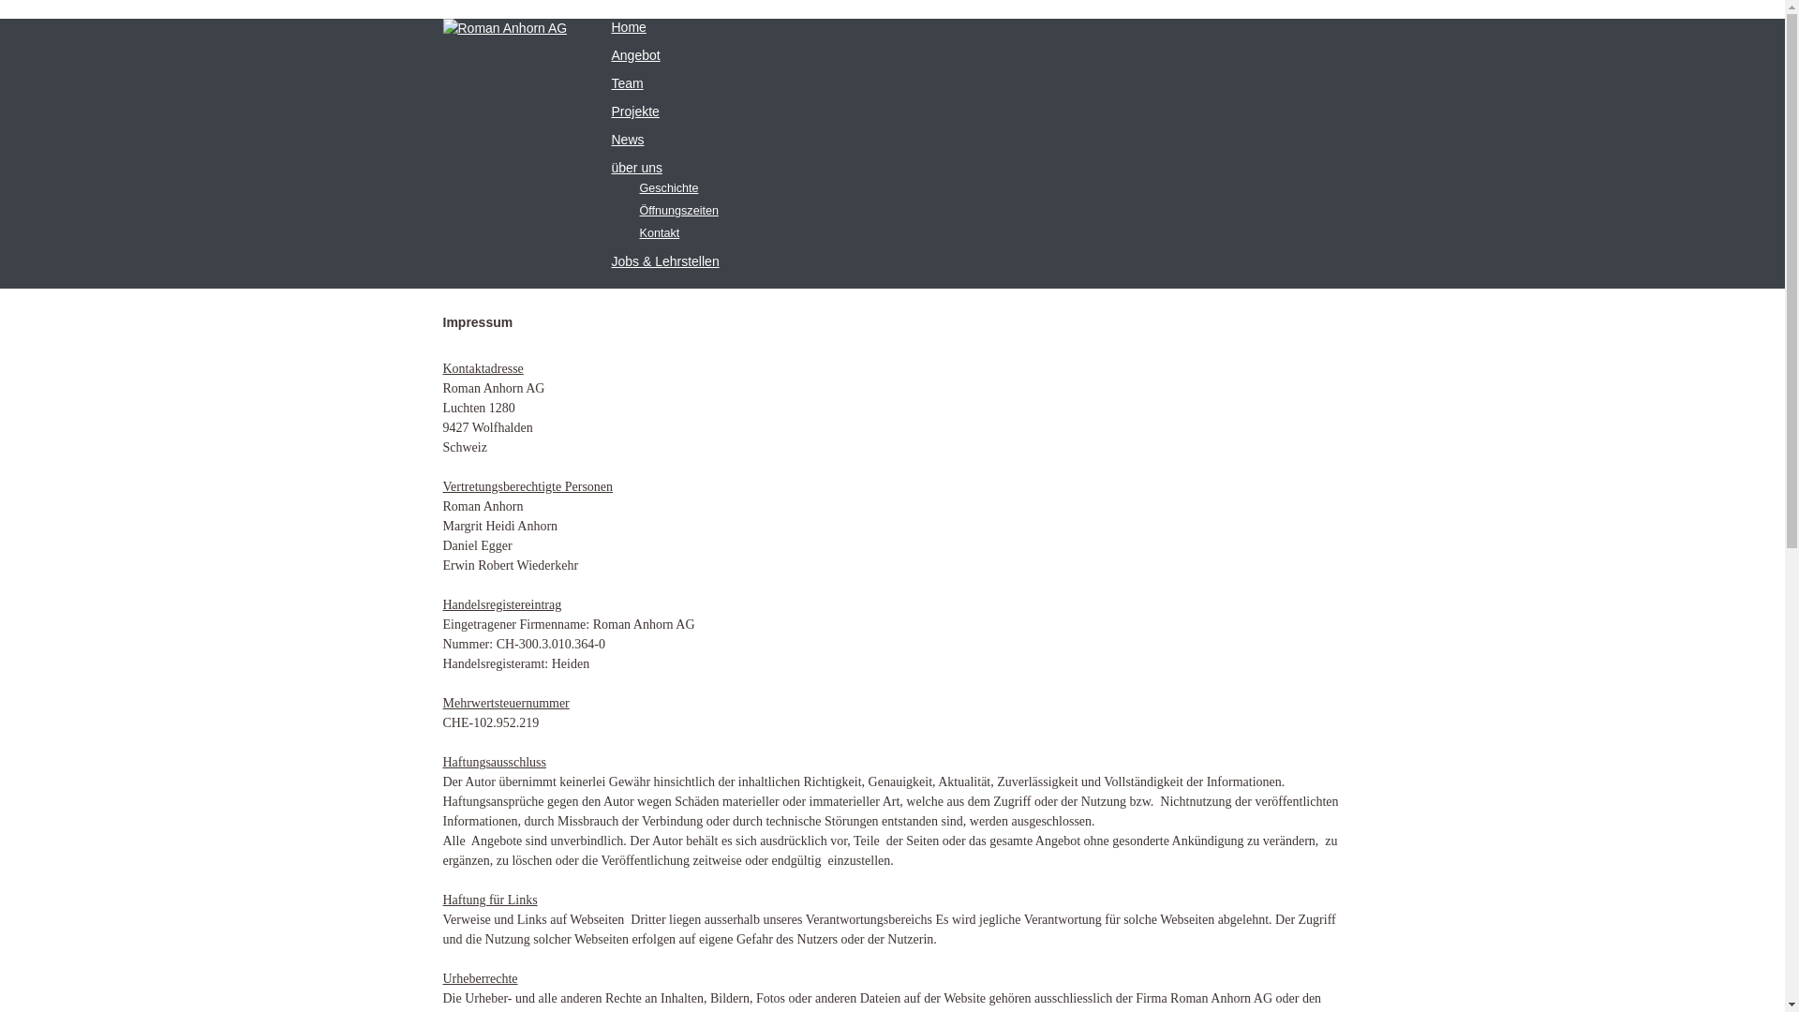 The image size is (1799, 1012). I want to click on 'Jobs & Lehrstellen', so click(611, 260).